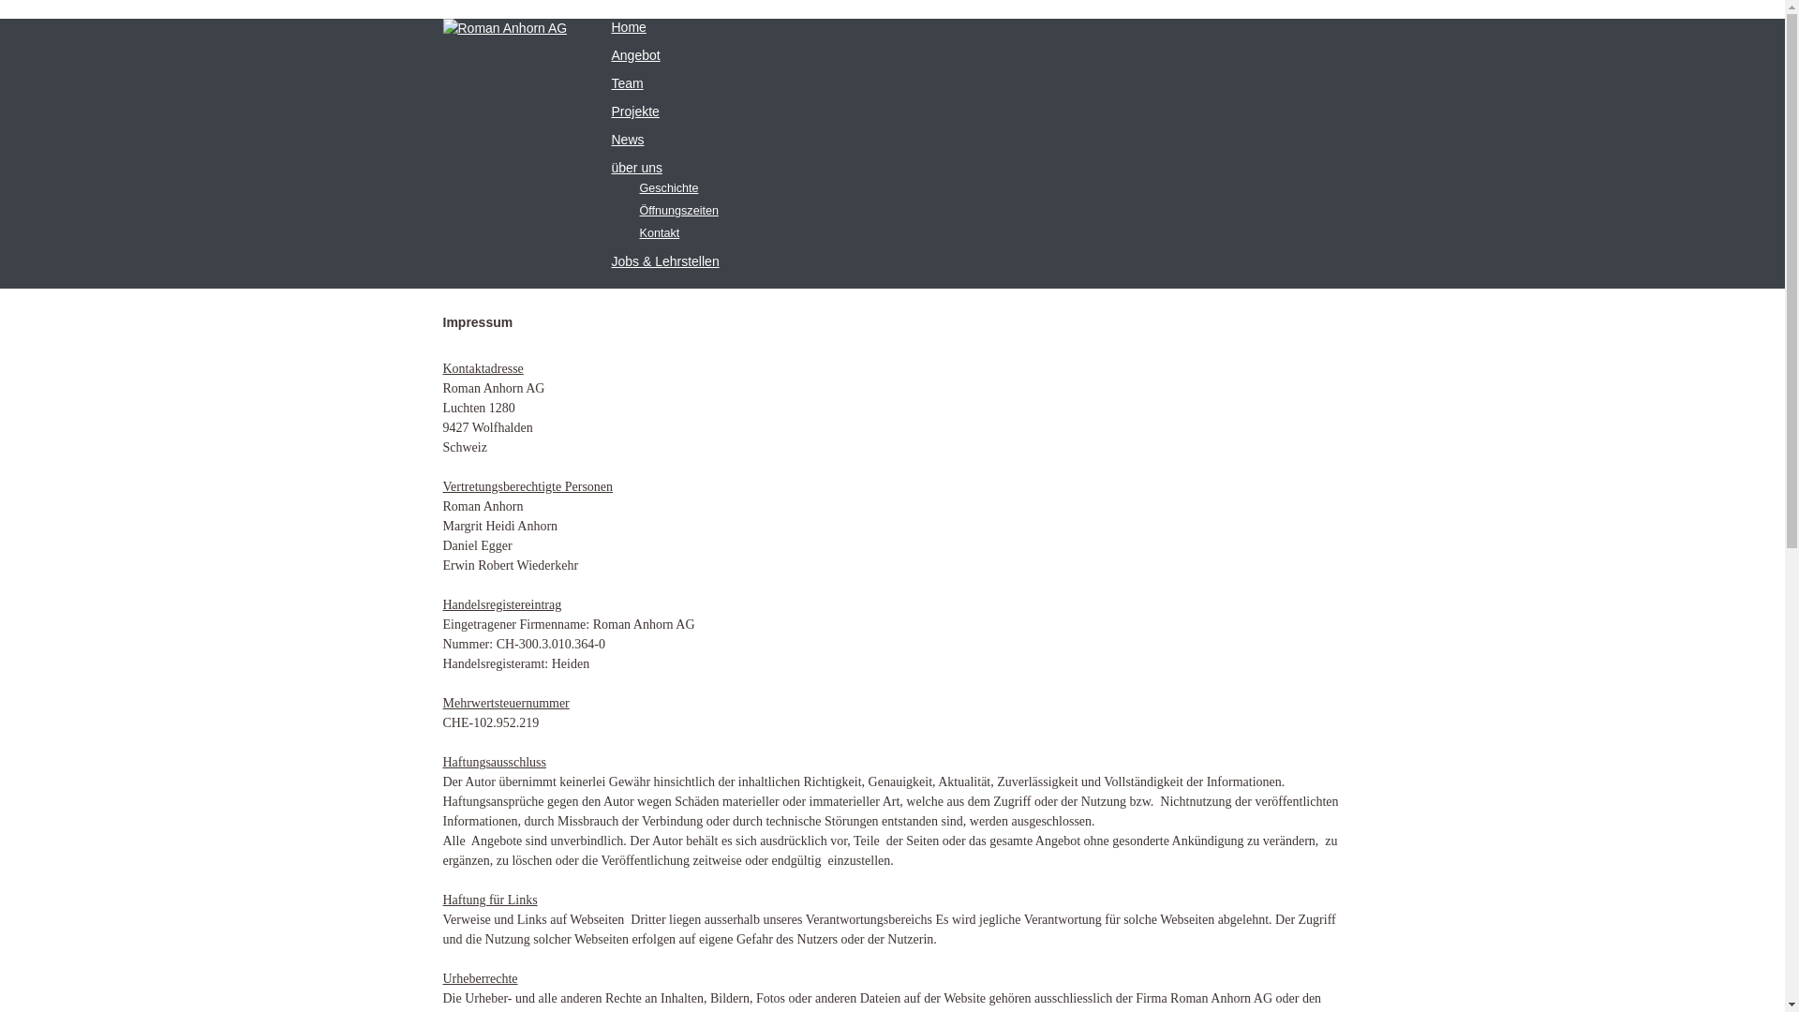 The image size is (1799, 1012). I want to click on 'Jobs & Lehrstellen', so click(611, 260).